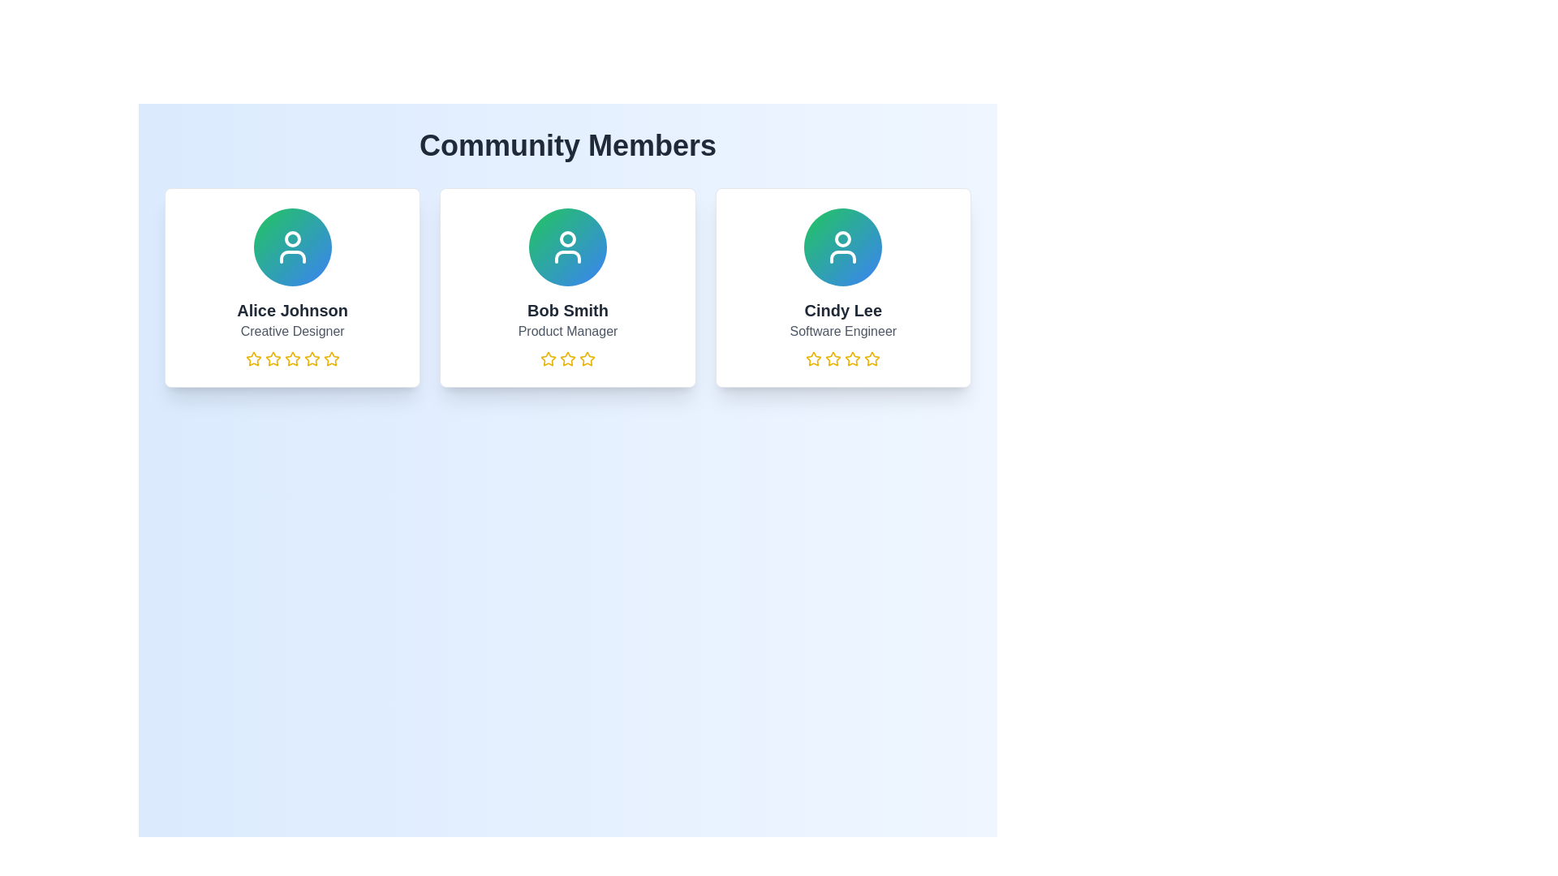 The height and width of the screenshot is (876, 1558). I want to click on the Avatar or Profile Image Icon located in the upper central section of the 'Alice Johnson' card in the 'Community Members' section, so click(292, 247).